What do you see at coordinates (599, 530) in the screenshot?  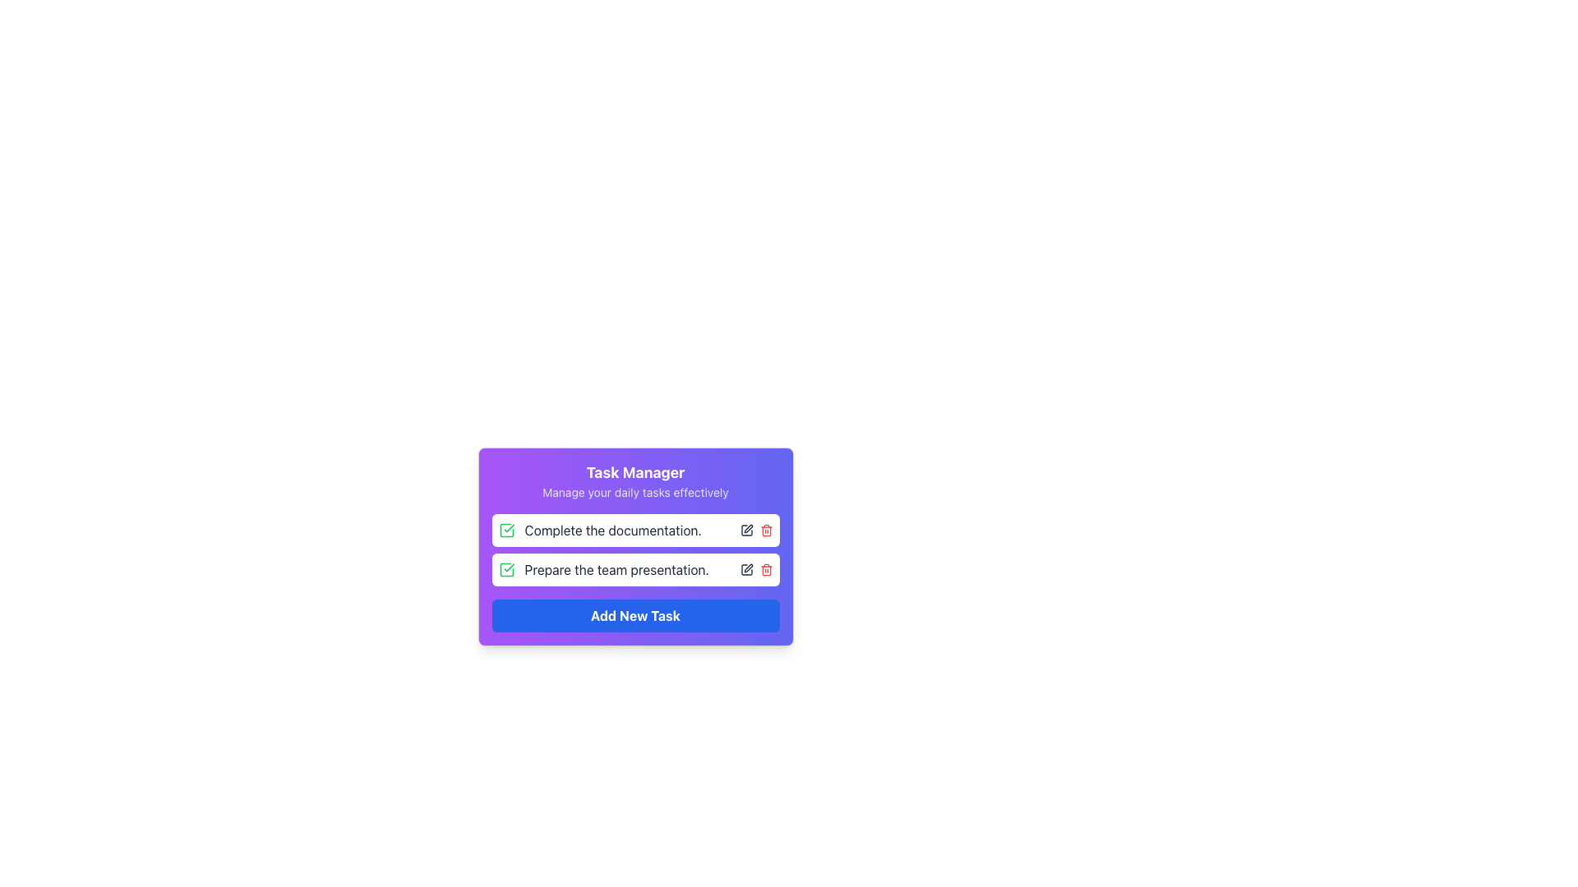 I see `the task item component displaying a green 'check' icon and the text 'Complete the documentation.' in the 'Task Manager' list` at bounding box center [599, 530].